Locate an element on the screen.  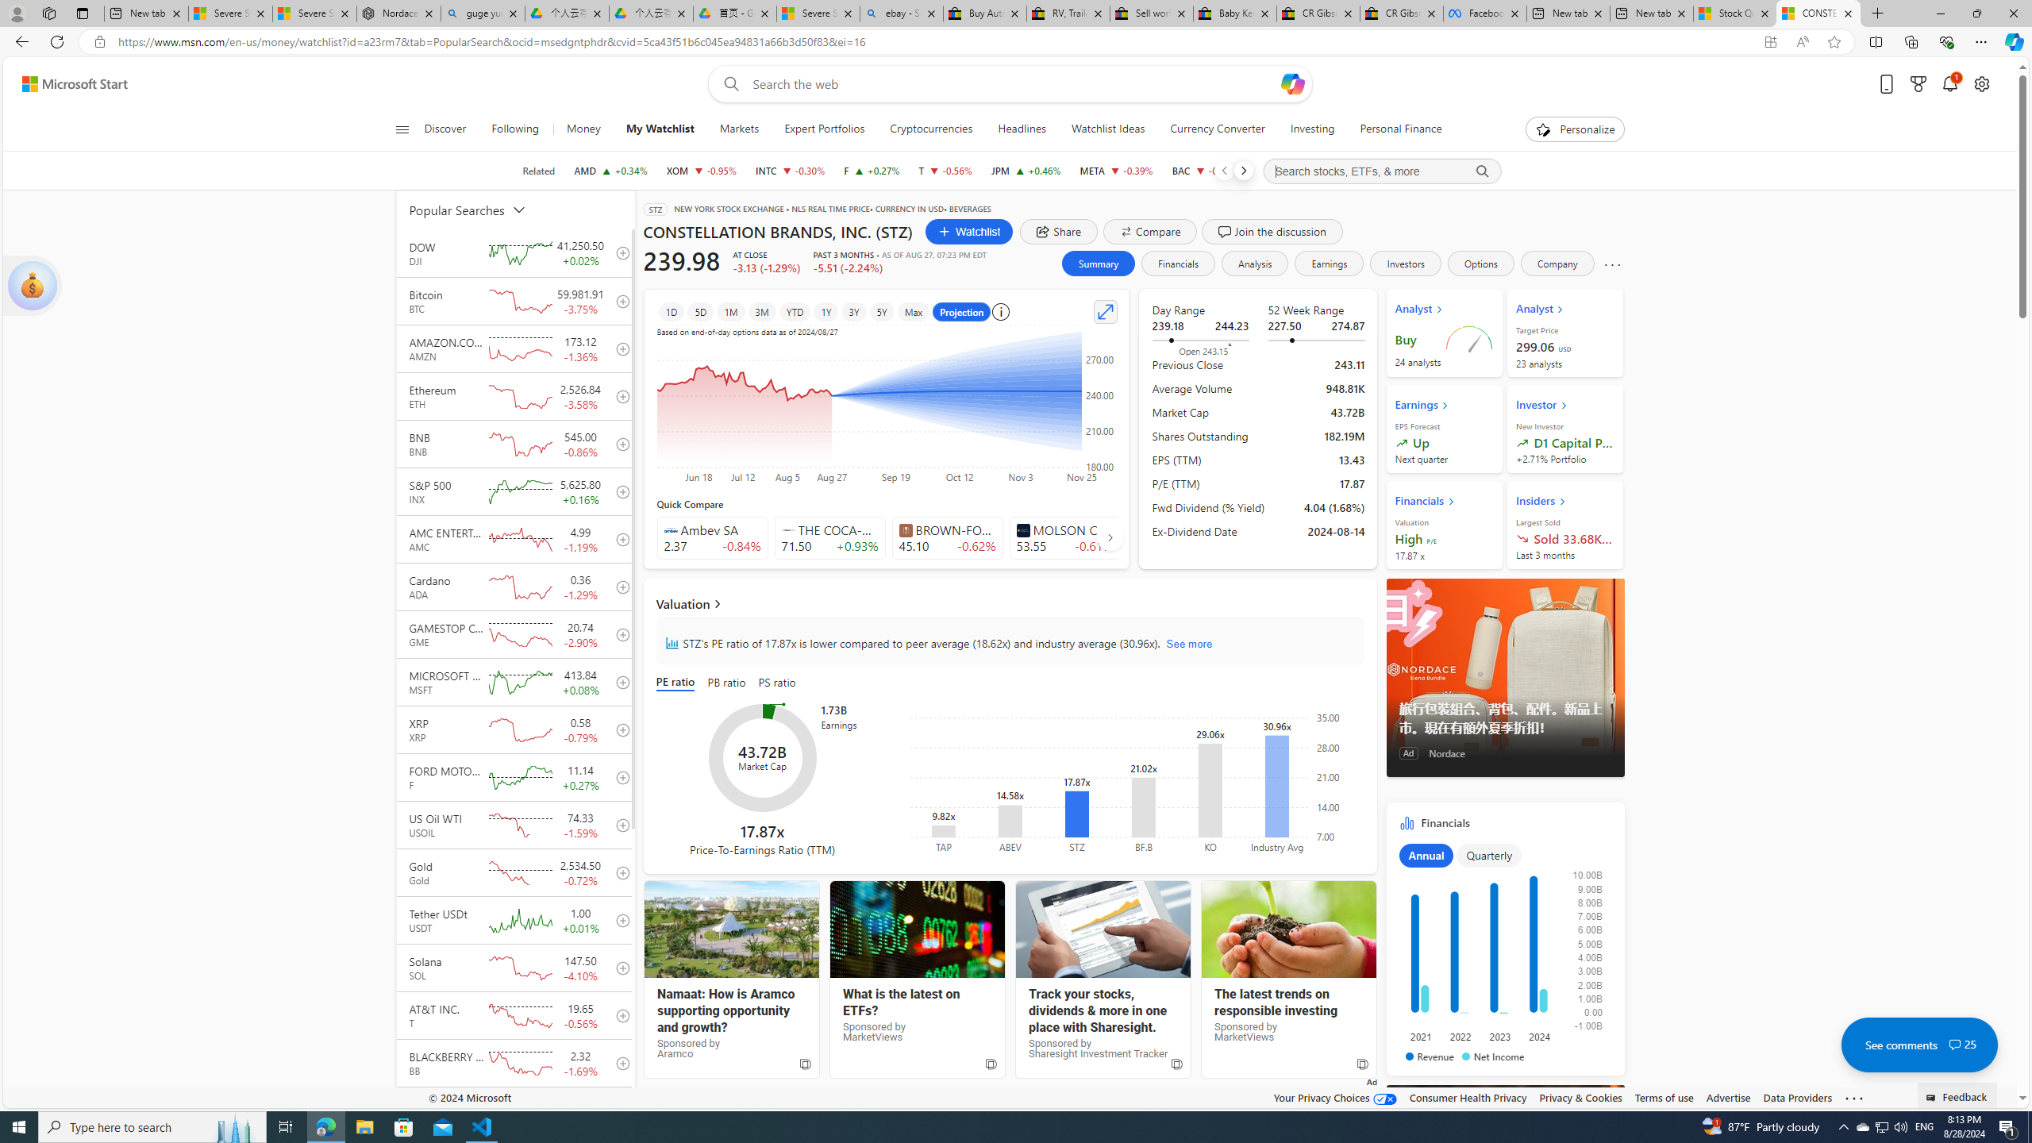
'Projection' is located at coordinates (961, 311).